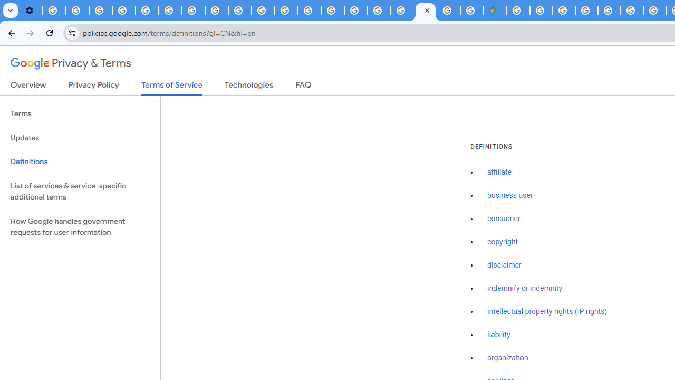 The image size is (675, 380). Describe the element at coordinates (31, 11) in the screenshot. I see `'Settings - Customize profile'` at that location.